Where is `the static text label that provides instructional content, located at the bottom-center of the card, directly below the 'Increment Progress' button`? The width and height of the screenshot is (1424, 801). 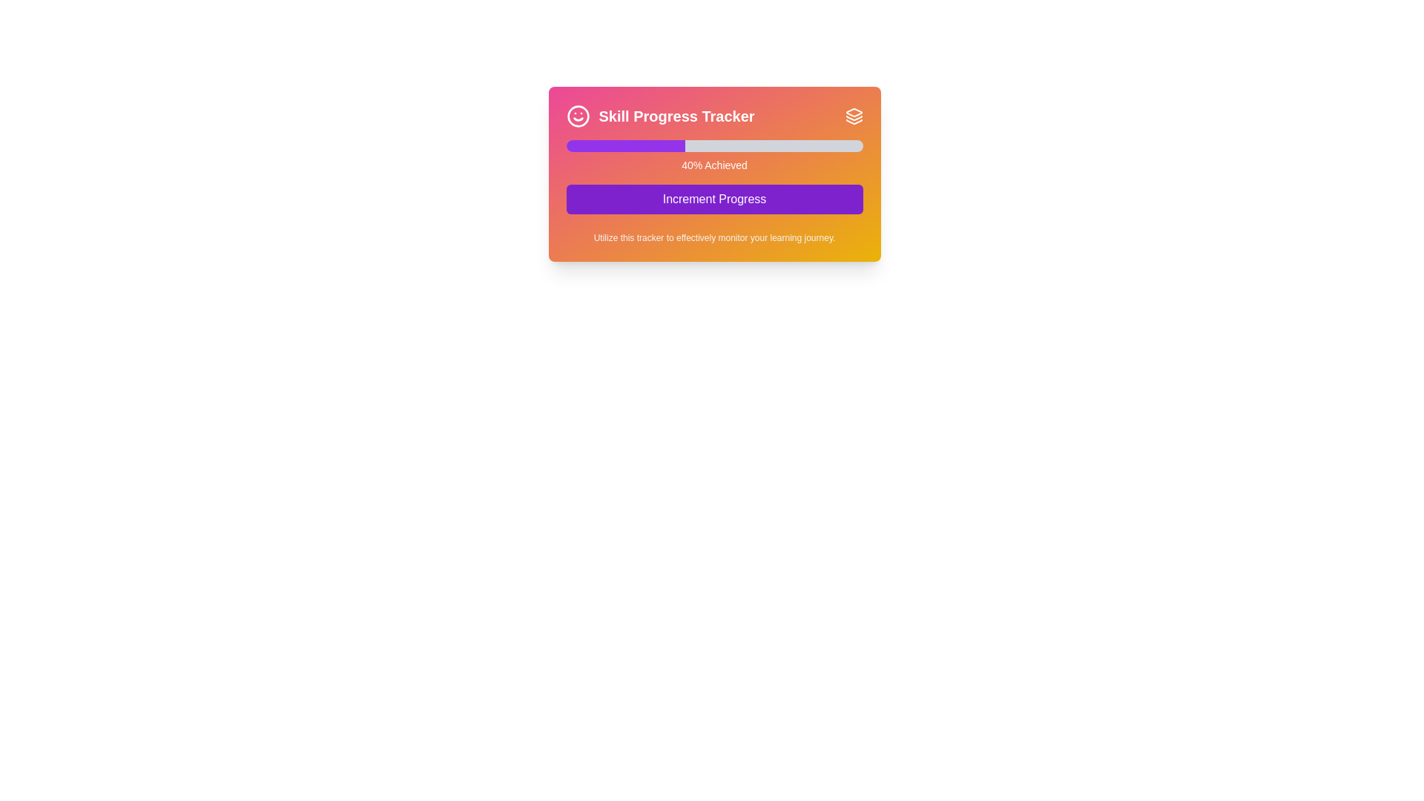
the static text label that provides instructional content, located at the bottom-center of the card, directly below the 'Increment Progress' button is located at coordinates (714, 237).